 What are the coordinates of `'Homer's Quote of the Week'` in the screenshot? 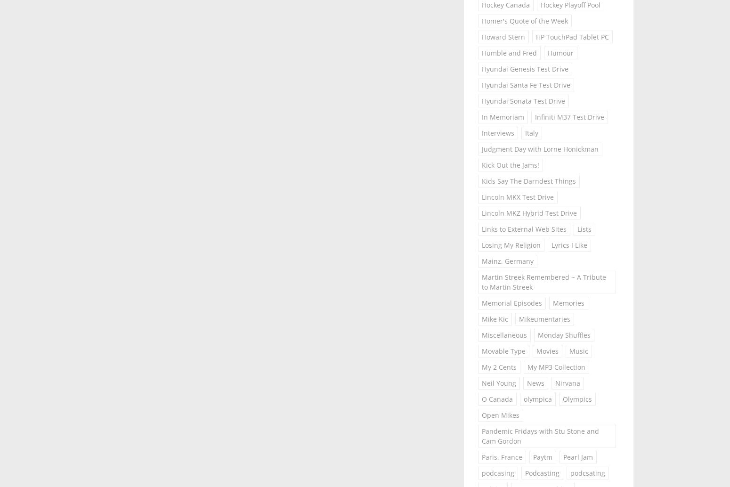 It's located at (524, 21).